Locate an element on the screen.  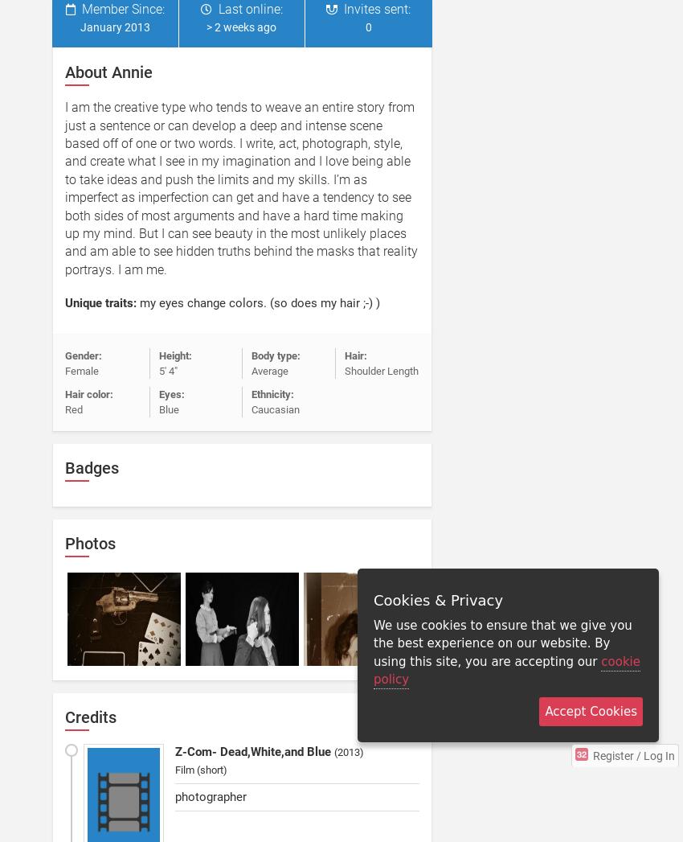
'(' is located at coordinates (336, 752).